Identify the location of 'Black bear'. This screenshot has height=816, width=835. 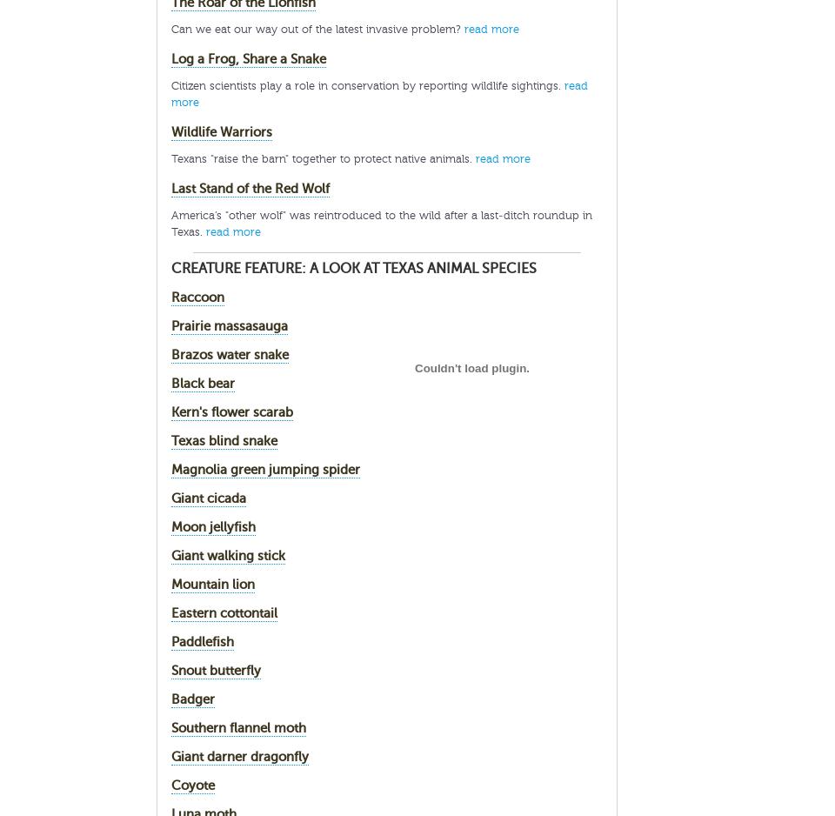
(203, 382).